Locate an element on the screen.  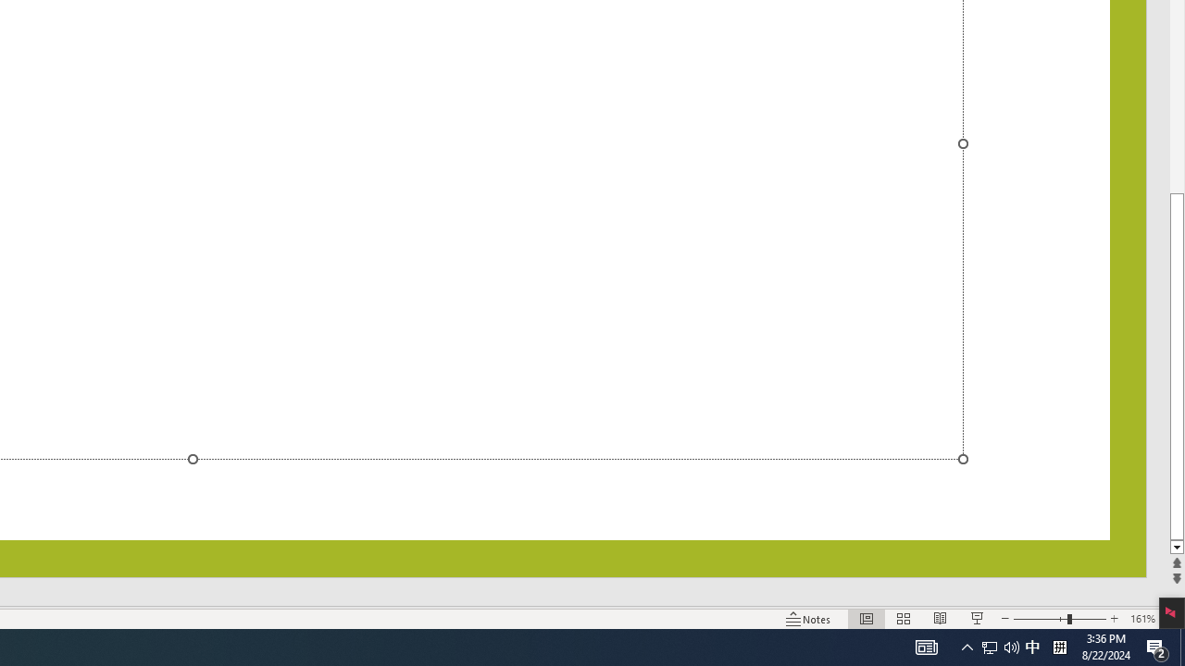
'Zoom In' is located at coordinates (1114, 619).